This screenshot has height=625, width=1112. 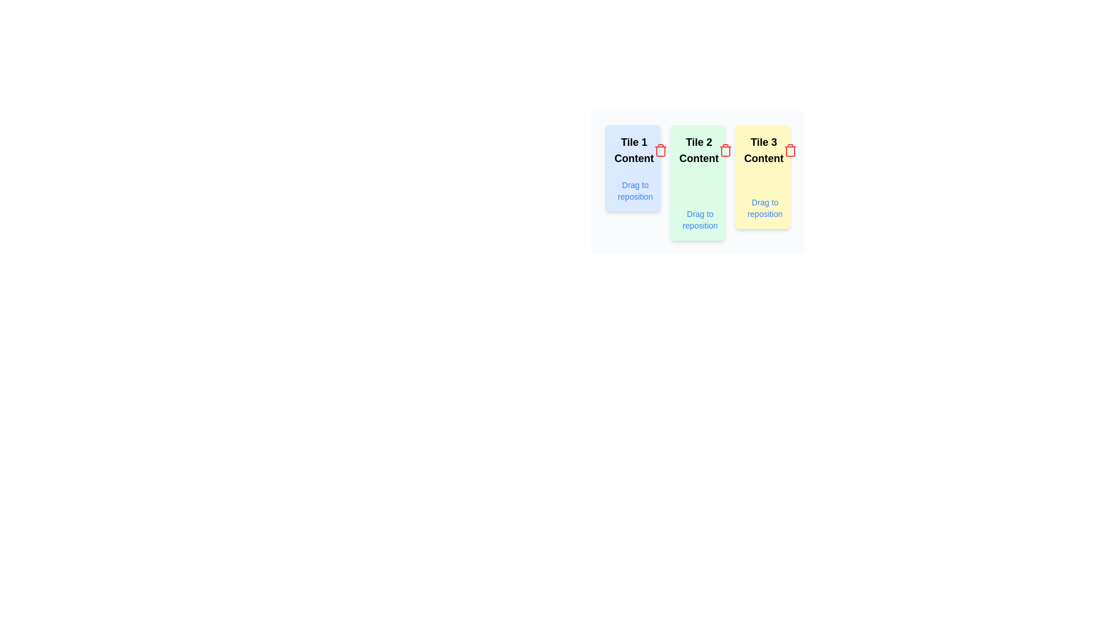 What do you see at coordinates (632, 190) in the screenshot?
I see `the draggable handle displaying the text 'Drag to reposition'` at bounding box center [632, 190].